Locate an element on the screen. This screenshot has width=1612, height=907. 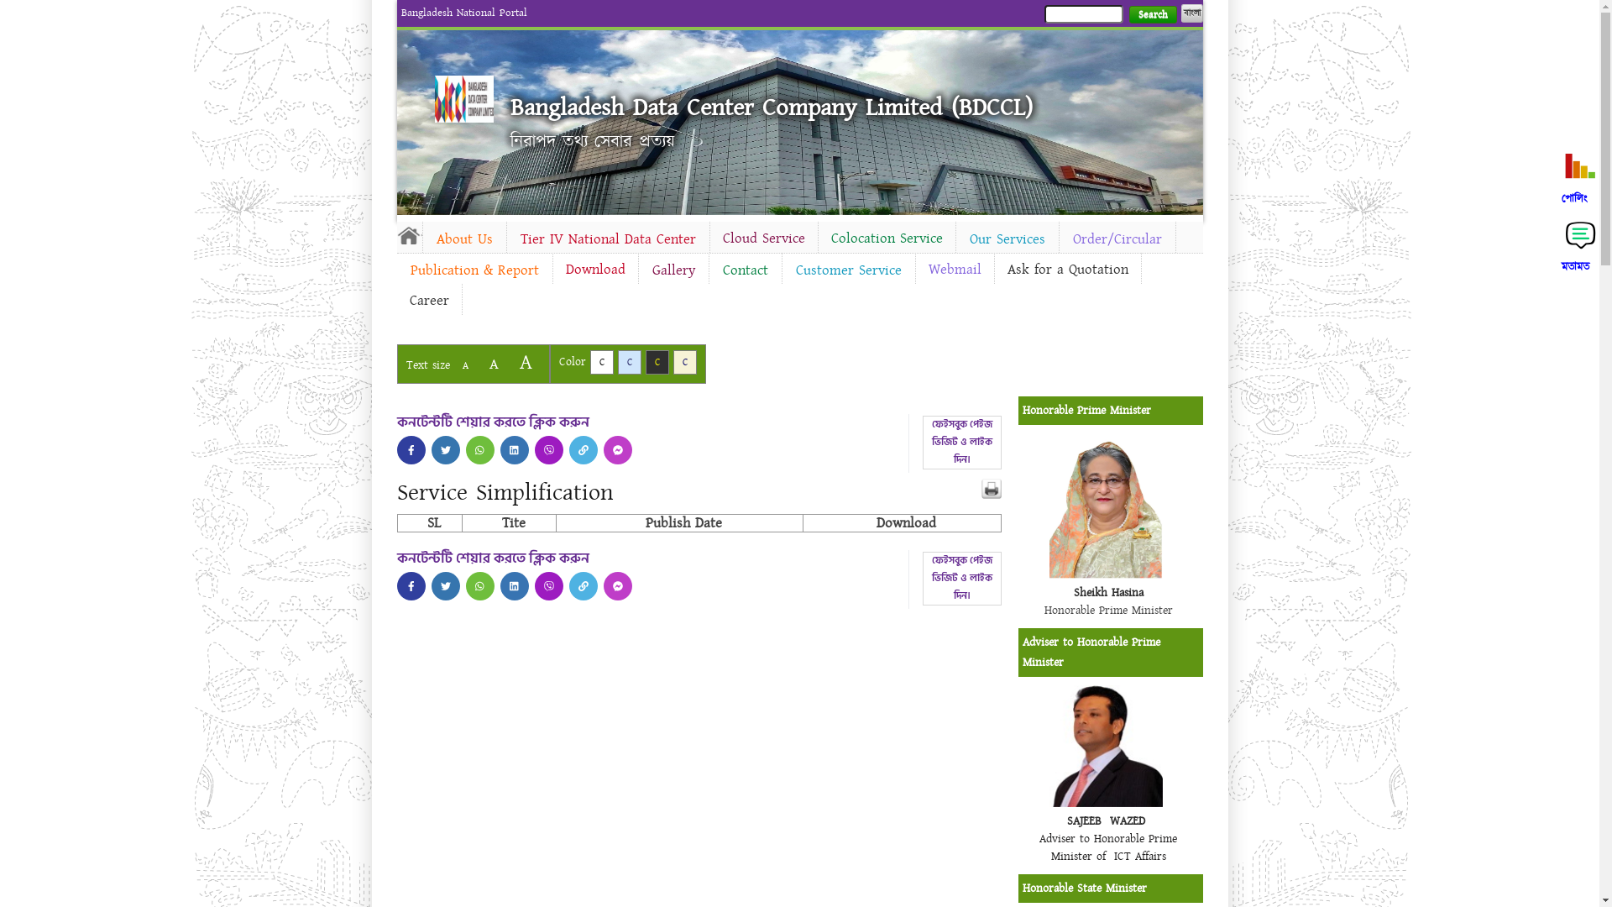
'C' is located at coordinates (628, 361).